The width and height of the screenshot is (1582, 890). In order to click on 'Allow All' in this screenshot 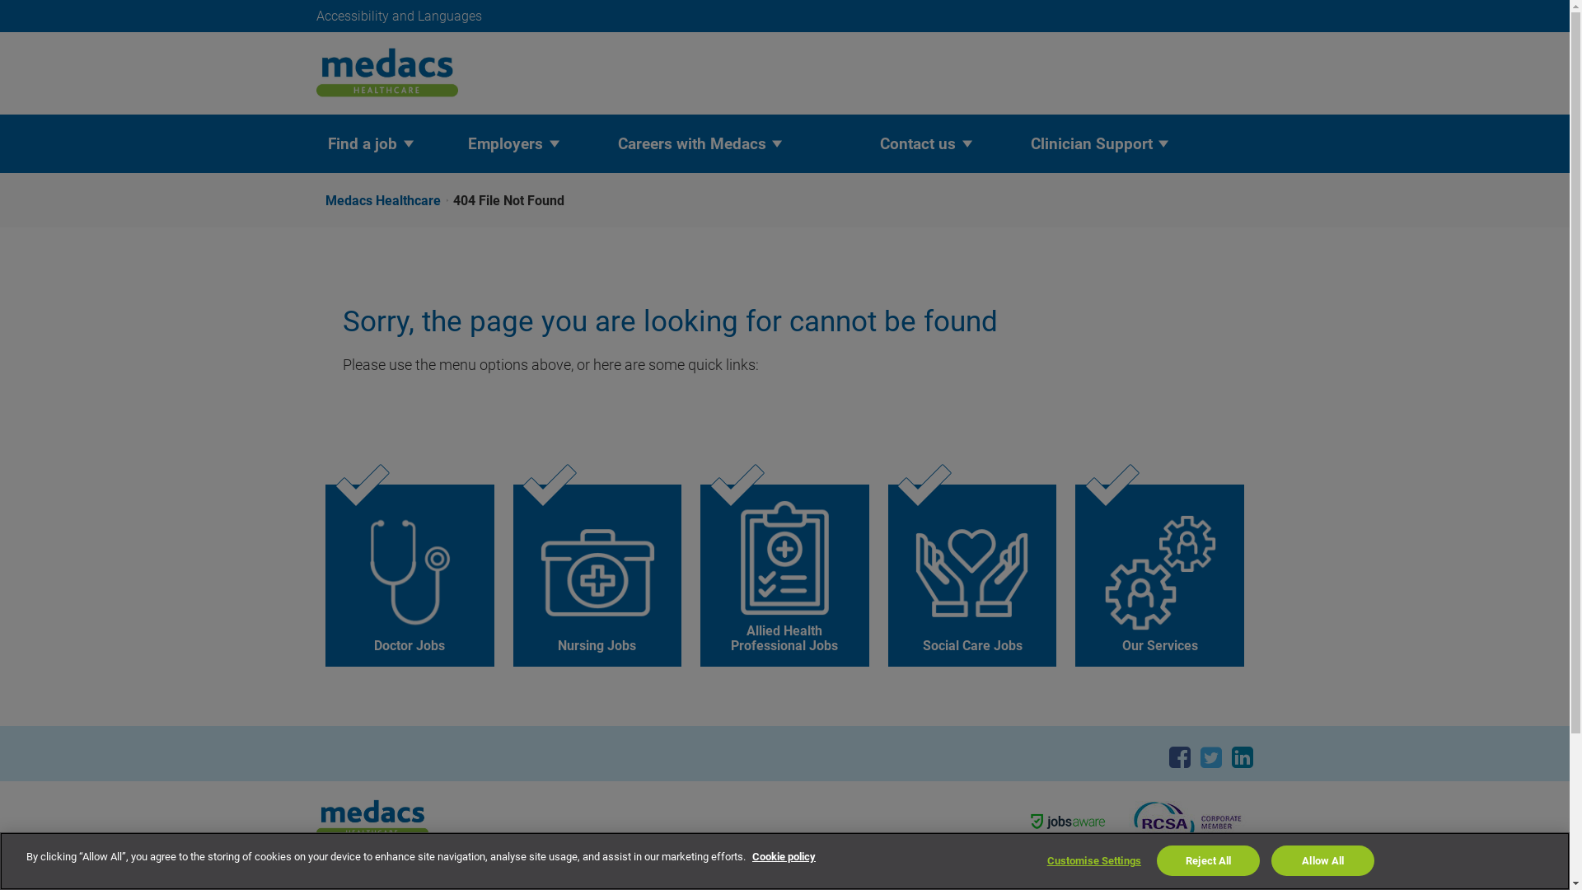, I will do `click(1322, 860)`.